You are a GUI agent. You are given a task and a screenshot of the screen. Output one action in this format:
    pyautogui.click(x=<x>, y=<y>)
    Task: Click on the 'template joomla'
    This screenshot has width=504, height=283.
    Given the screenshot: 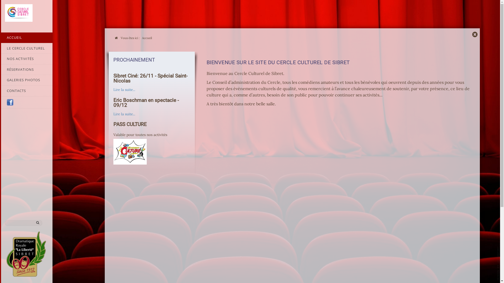 What is the action you would take?
    pyautogui.click(x=497, y=263)
    